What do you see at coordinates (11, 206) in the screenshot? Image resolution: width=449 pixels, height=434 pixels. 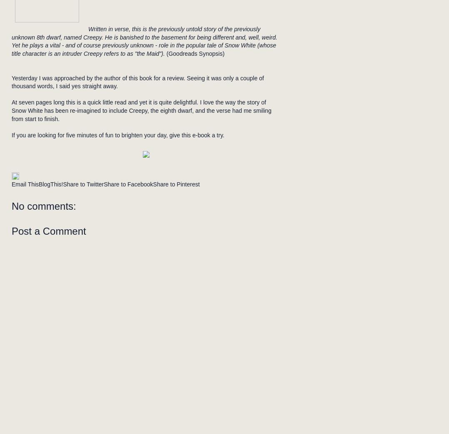 I see `'No comments:'` at bounding box center [11, 206].